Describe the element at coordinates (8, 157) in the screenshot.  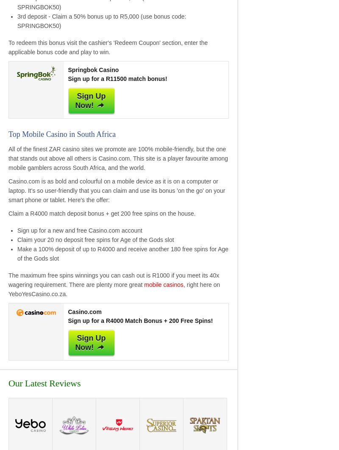
I see `'All of the finest ZAR casino sites we promote are 100% mobile-friendly, but the one that stands out above all others is Casino.com. This site is a player favourite among mobile gamblers across South Africa, and the world.'` at that location.